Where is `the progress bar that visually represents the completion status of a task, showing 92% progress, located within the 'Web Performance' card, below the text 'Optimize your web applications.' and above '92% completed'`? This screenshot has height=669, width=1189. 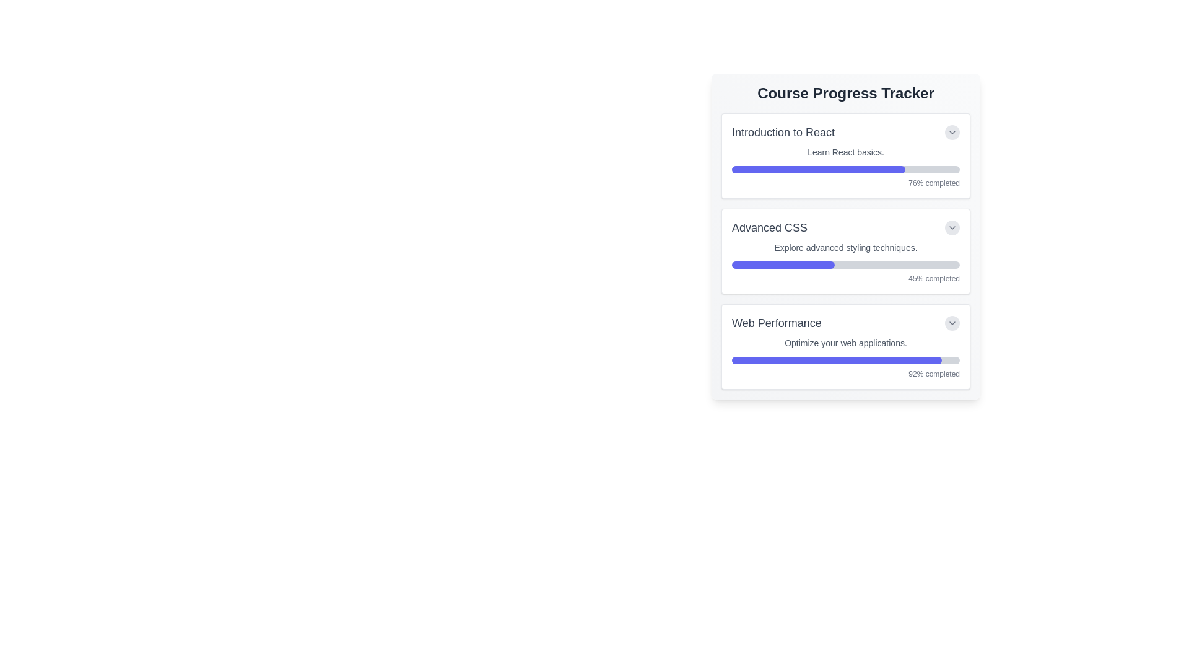
the progress bar that visually represents the completion status of a task, showing 92% progress, located within the 'Web Performance' card, below the text 'Optimize your web applications.' and above '92% completed' is located at coordinates (845, 361).